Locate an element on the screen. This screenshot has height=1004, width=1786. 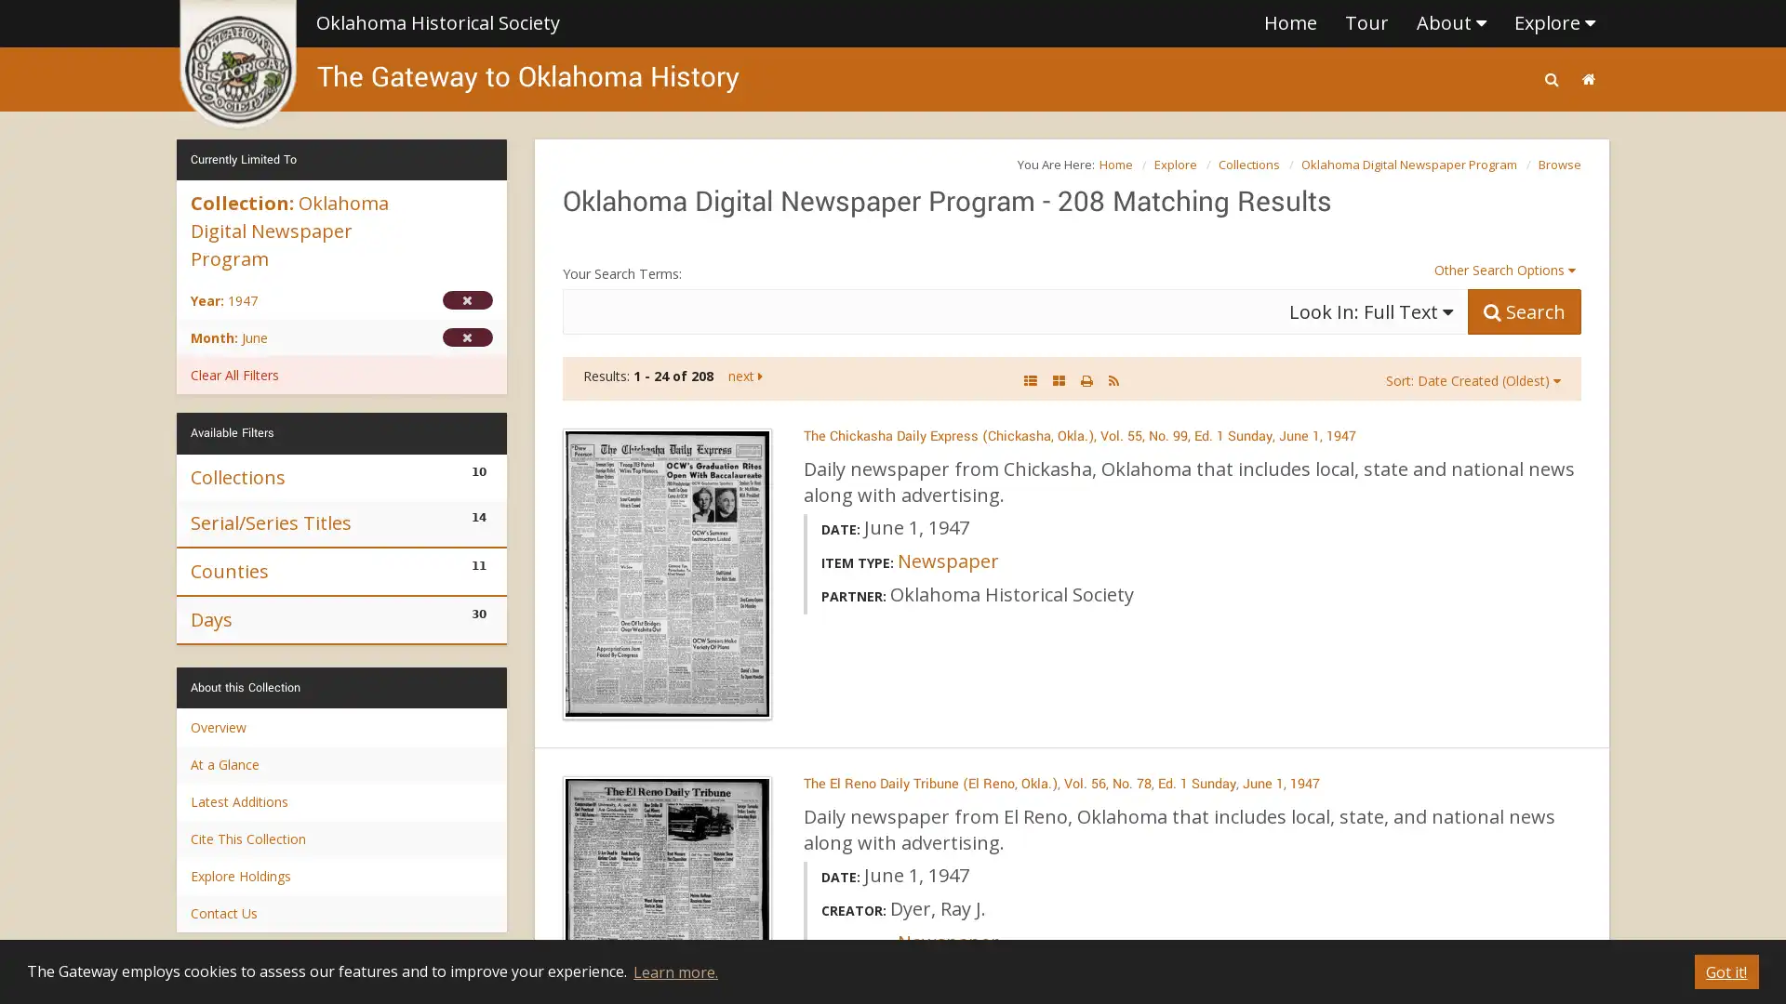
Sort: Date Created (Oldest) is located at coordinates (1472, 378).